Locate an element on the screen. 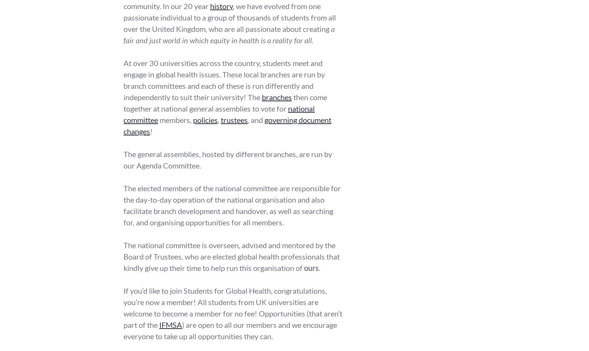 The height and width of the screenshot is (351, 589). ') are open to all our members and we encourage everyone to take up all opportunities they can.' is located at coordinates (230, 330).